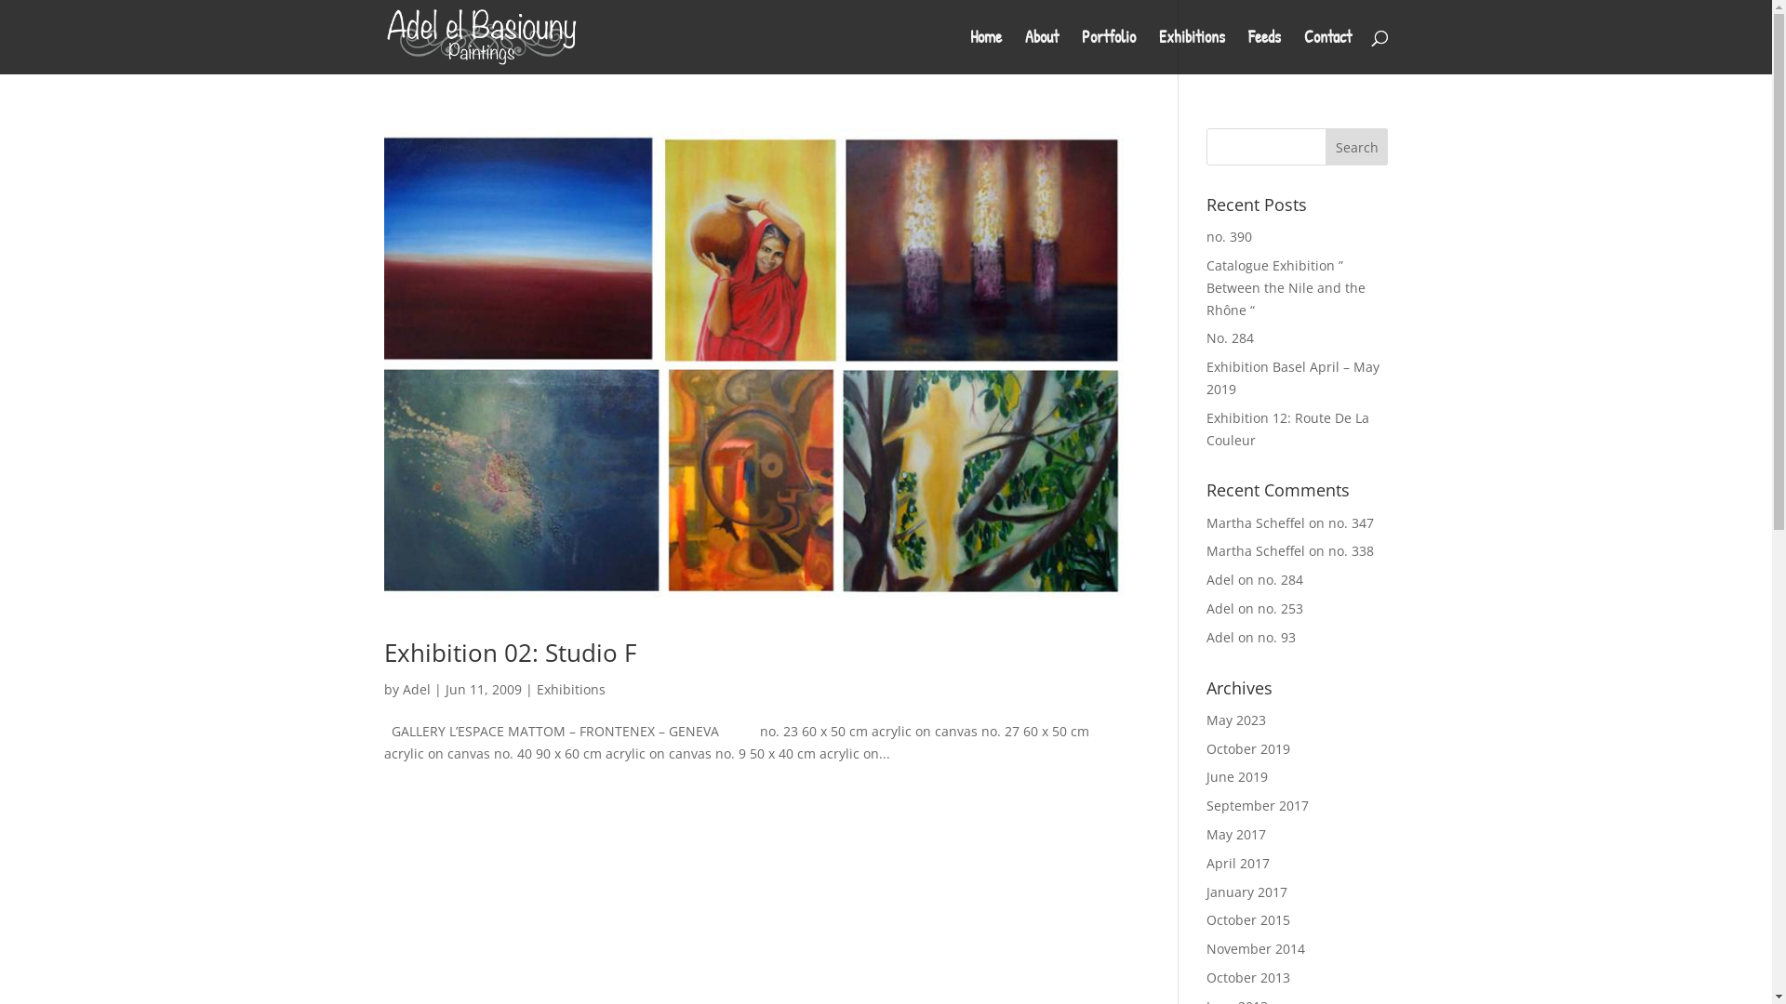 The width and height of the screenshot is (1786, 1004). I want to click on 'About', so click(1040, 51).